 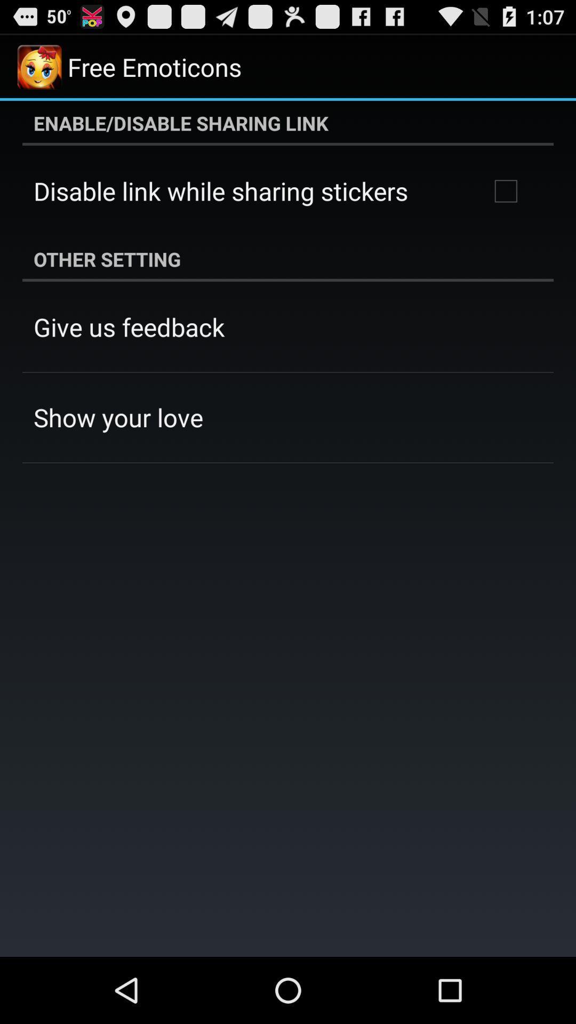 I want to click on enable disable sharing icon, so click(x=288, y=123).